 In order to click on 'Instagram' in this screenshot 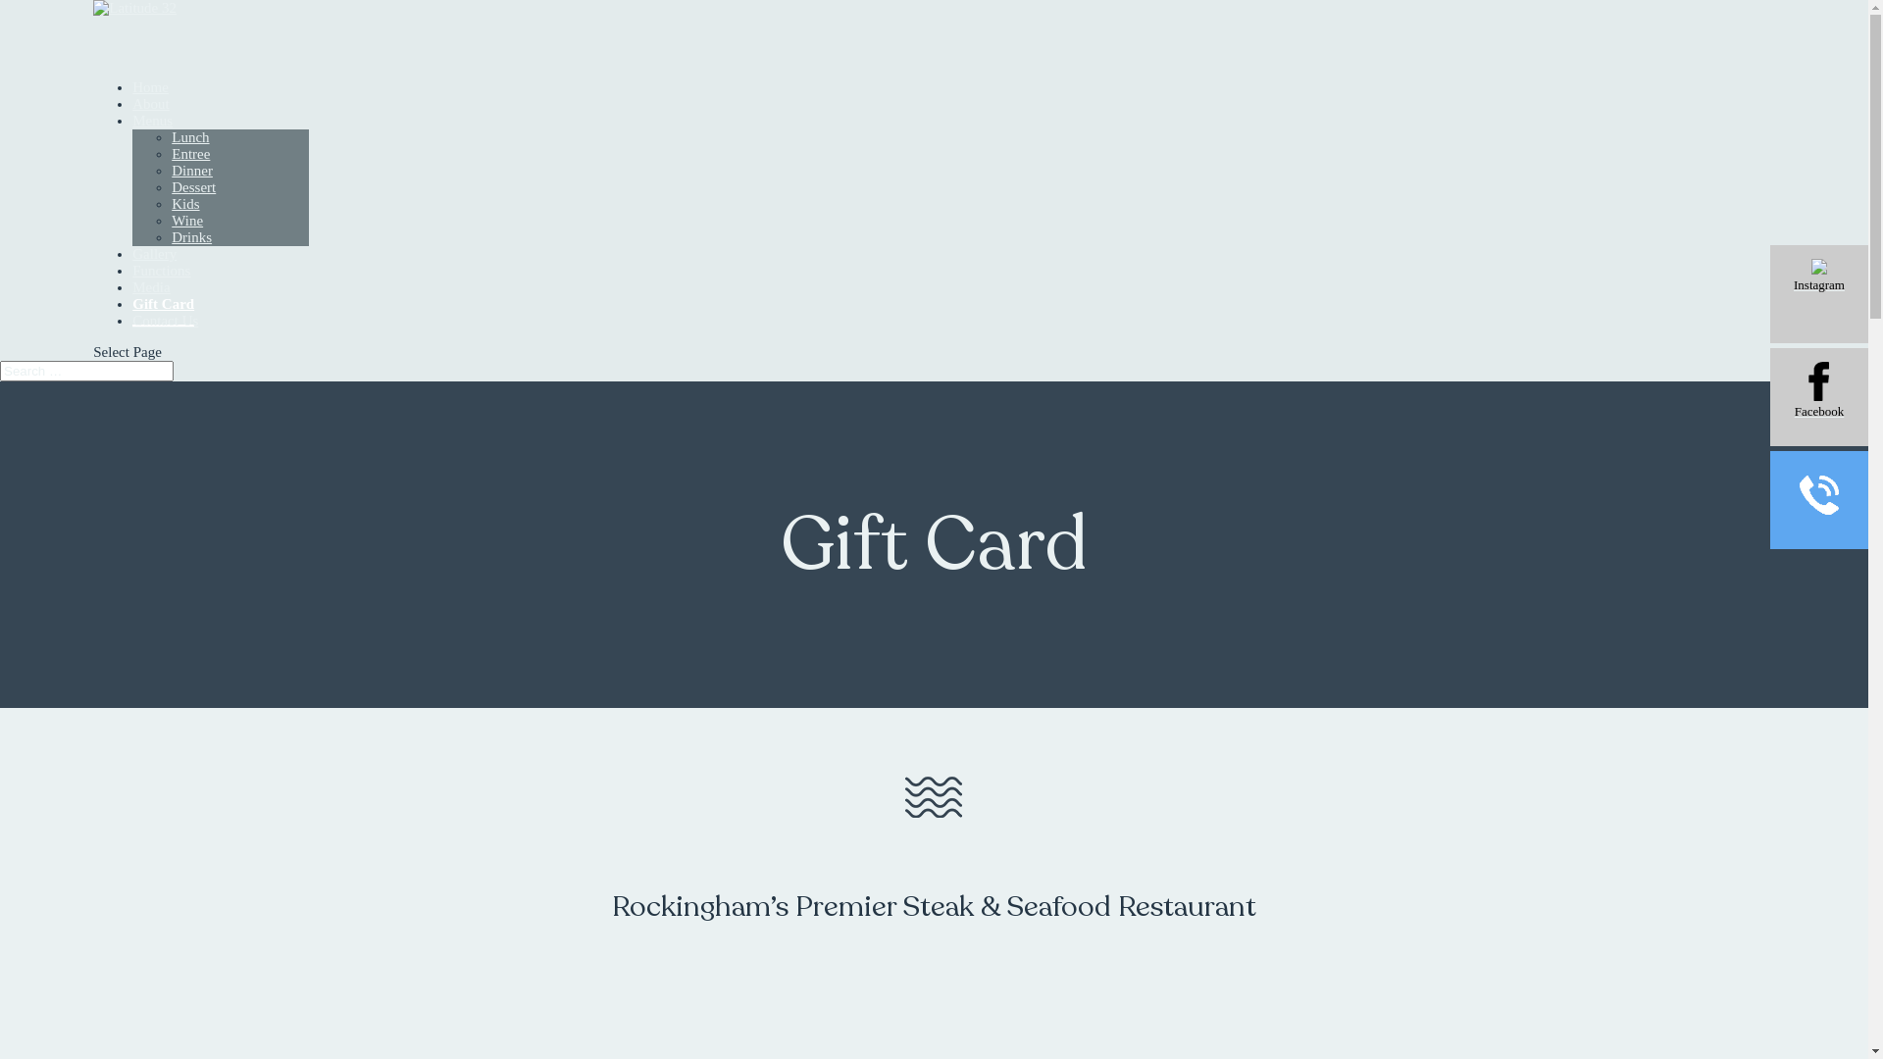, I will do `click(1769, 294)`.